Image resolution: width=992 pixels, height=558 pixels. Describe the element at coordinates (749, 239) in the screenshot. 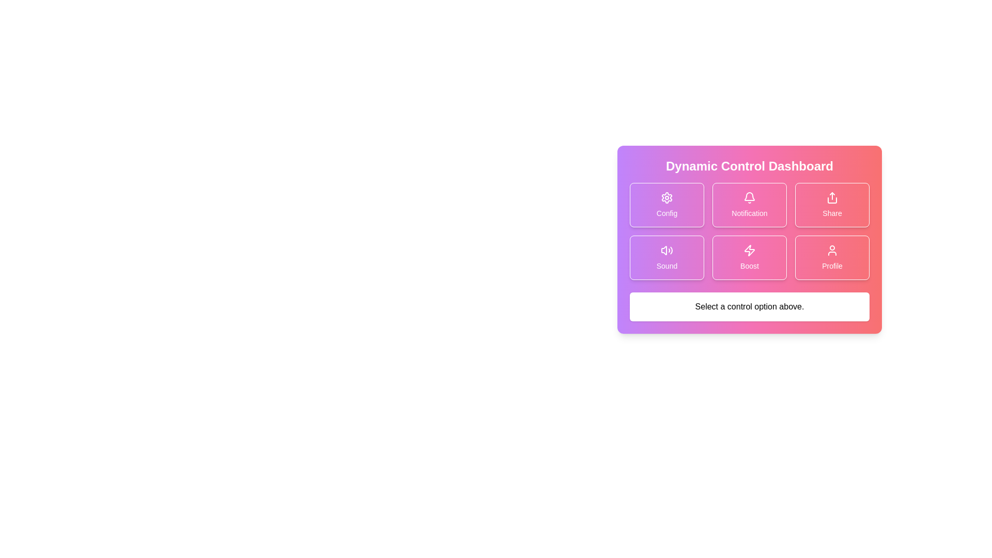

I see `the centrally located control dashboard interface that contains various functional buttons` at that location.